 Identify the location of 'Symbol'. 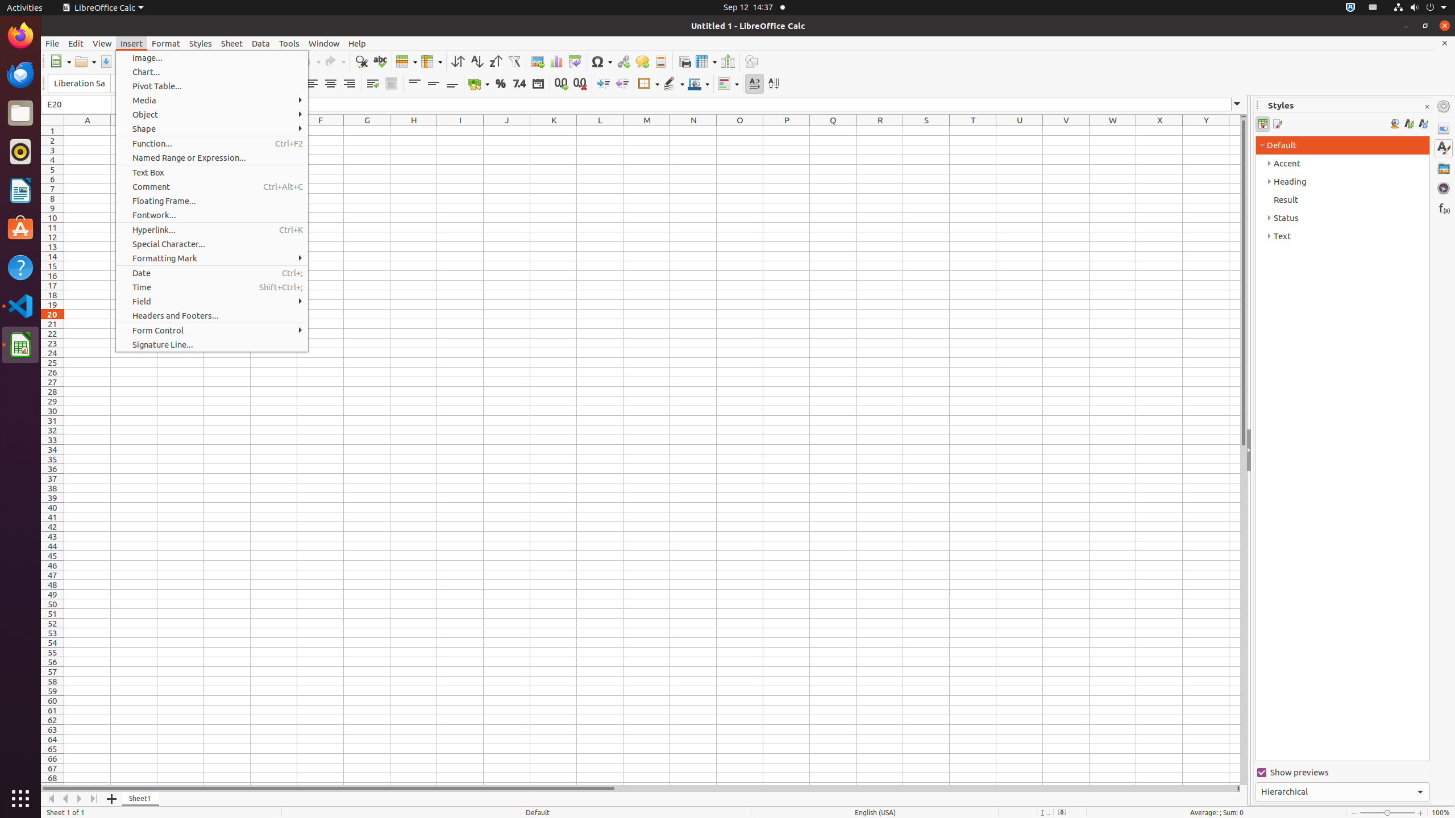
(601, 61).